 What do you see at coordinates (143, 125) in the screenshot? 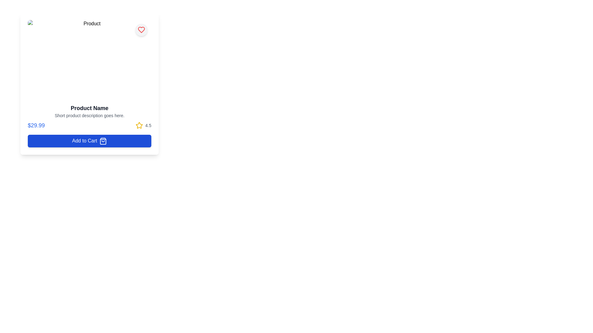
I see `the Rating indicator, which consists of a yellow outlined star and the text '4.5' in gray font, located at the bottom right of the product card` at bounding box center [143, 125].